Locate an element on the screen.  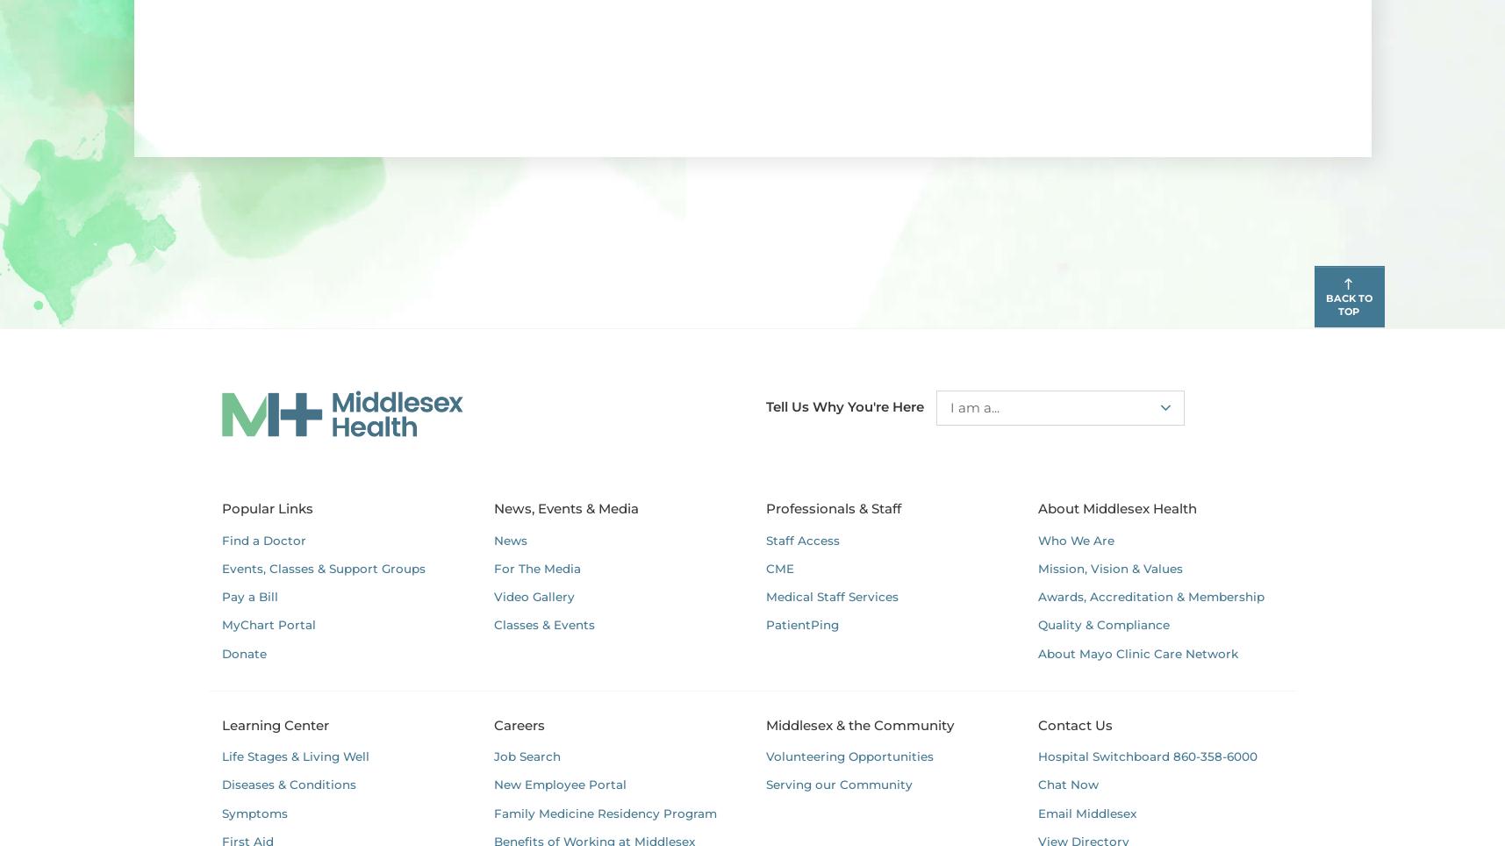
'Diseases & Conditions' is located at coordinates (287, 784).